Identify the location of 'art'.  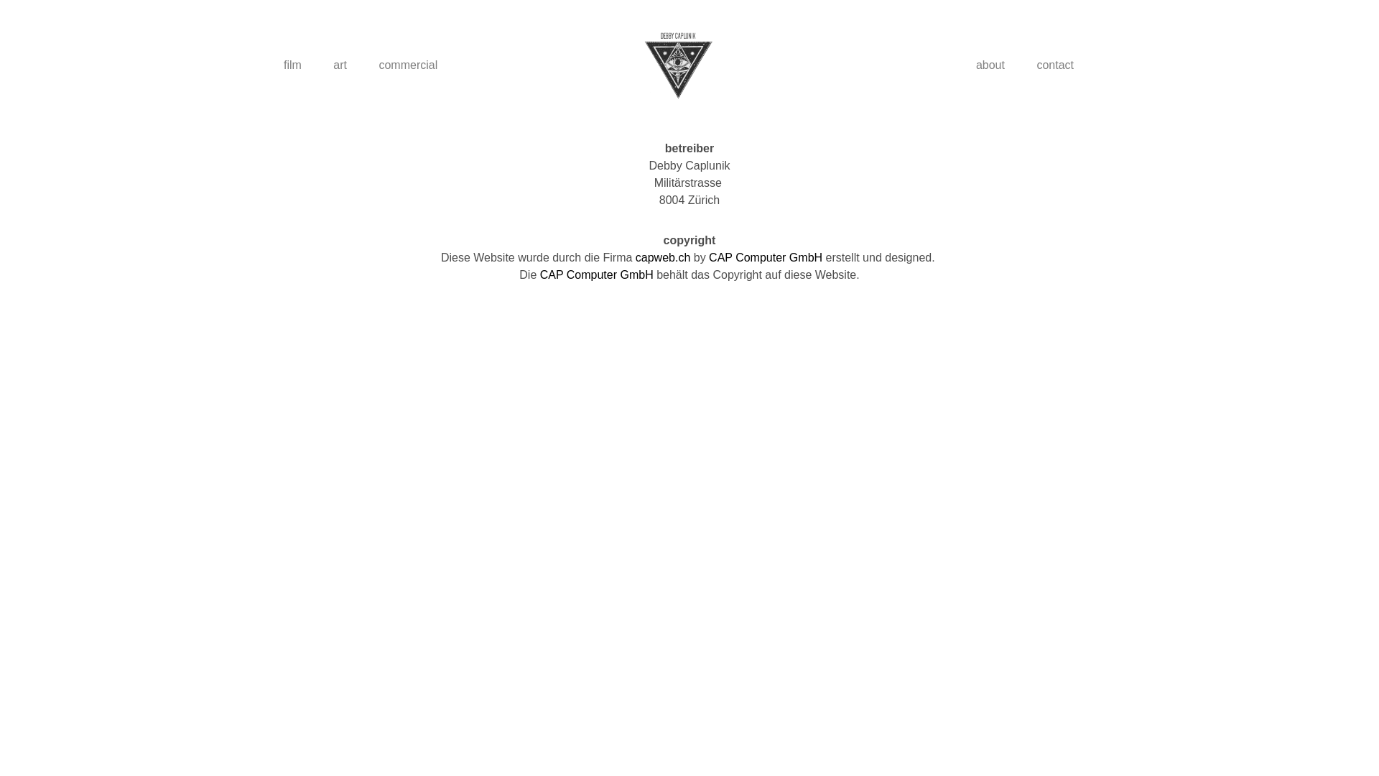
(339, 65).